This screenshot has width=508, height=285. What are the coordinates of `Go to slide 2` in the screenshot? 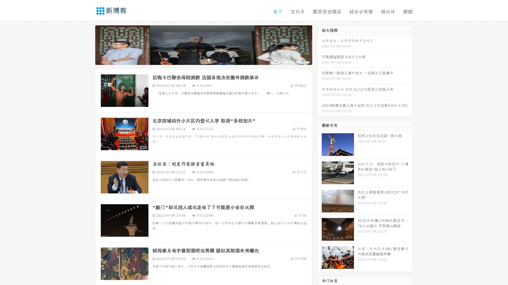 It's located at (203, 59).